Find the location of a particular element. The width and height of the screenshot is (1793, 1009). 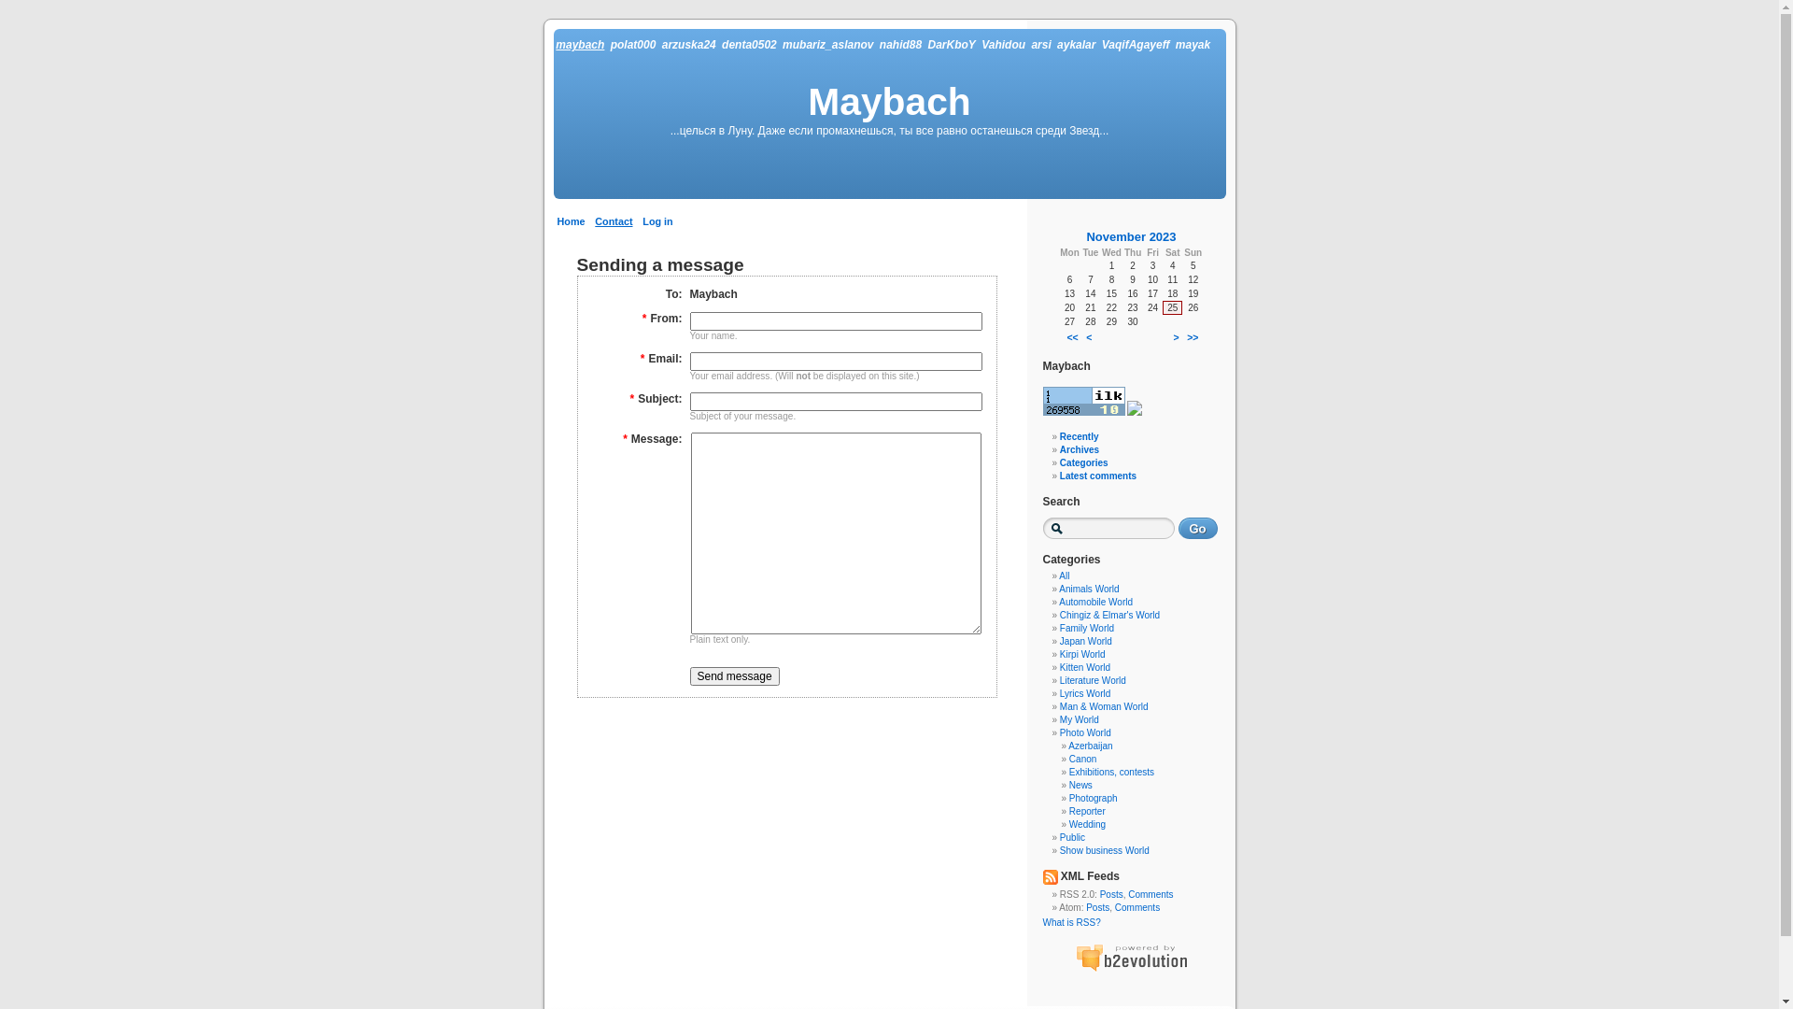

'XML Feed' is located at coordinates (1041, 876).